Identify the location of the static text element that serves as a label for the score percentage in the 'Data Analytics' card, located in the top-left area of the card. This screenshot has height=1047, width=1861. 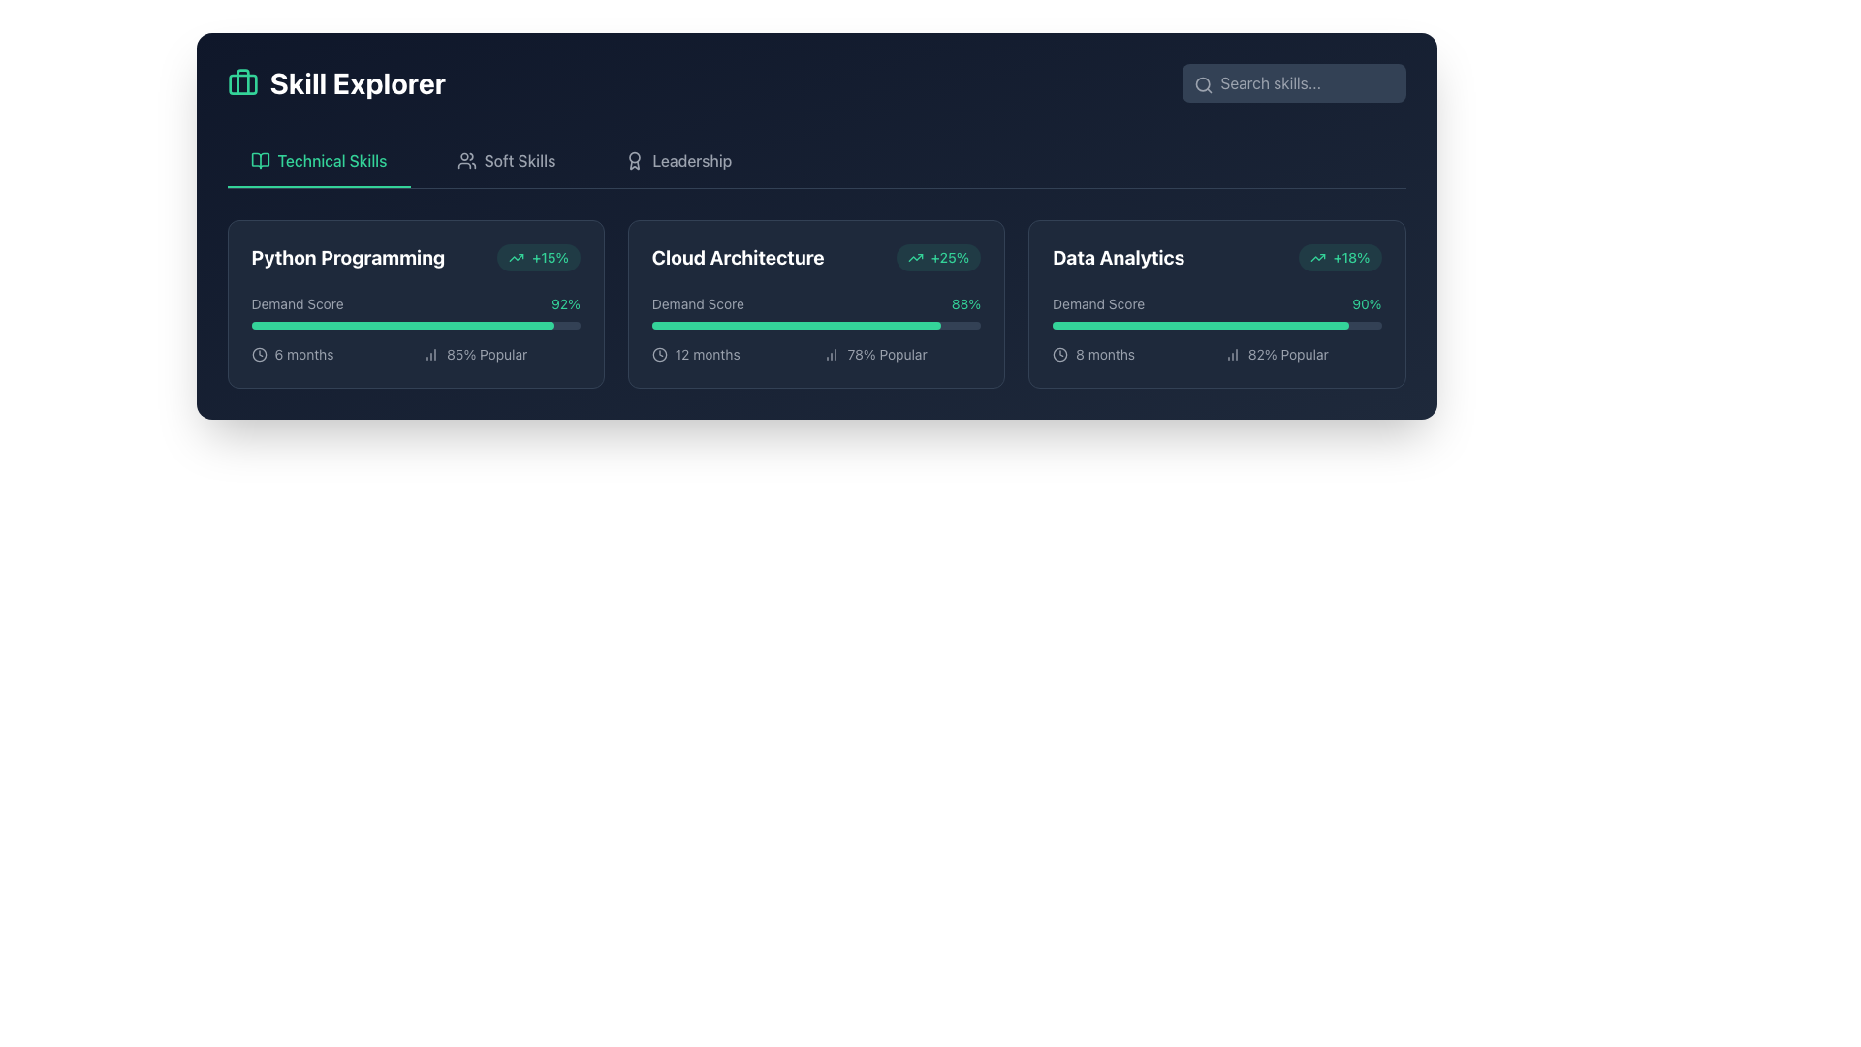
(1098, 303).